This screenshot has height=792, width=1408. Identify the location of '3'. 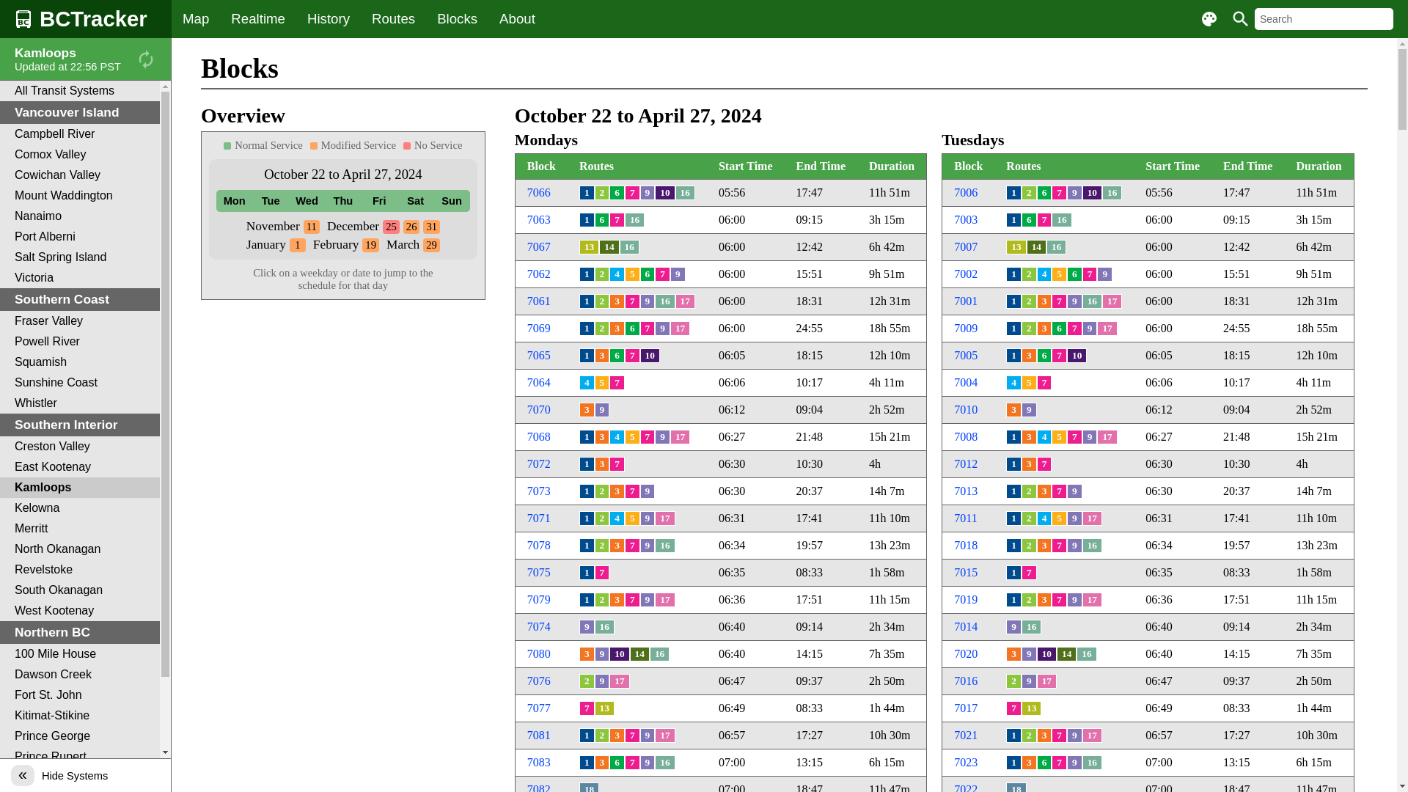
(1013, 653).